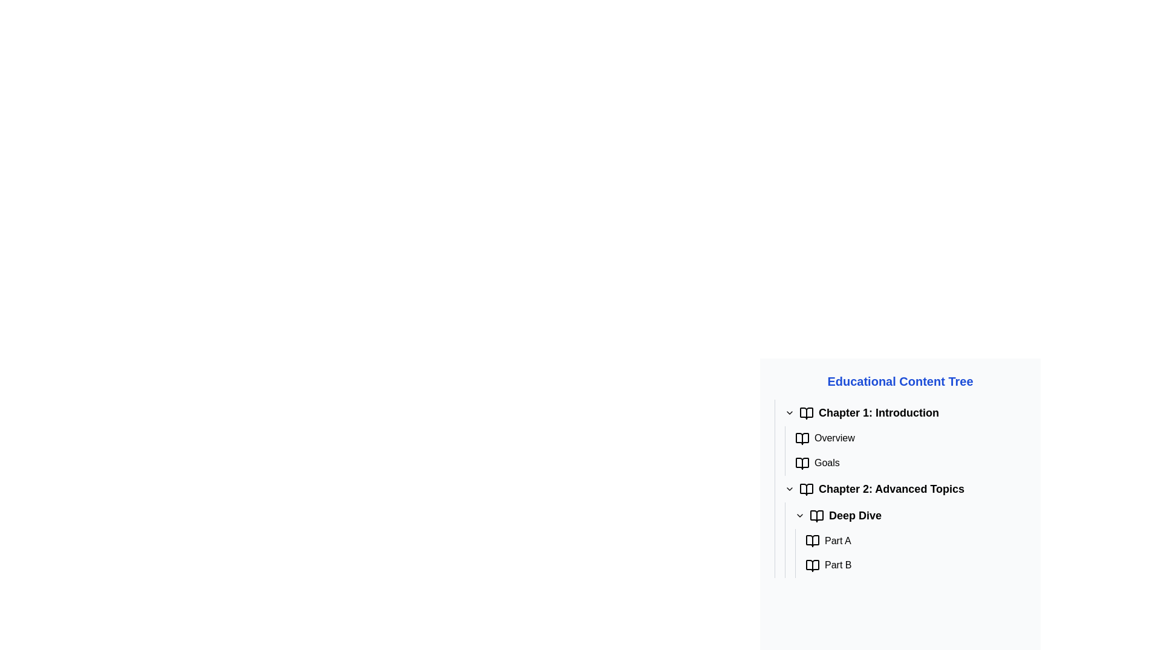 The image size is (1161, 653). Describe the element at coordinates (900, 526) in the screenshot. I see `the collapsible tree node titled 'Chapter 2: Advanced Topics' to activate related actions` at that location.